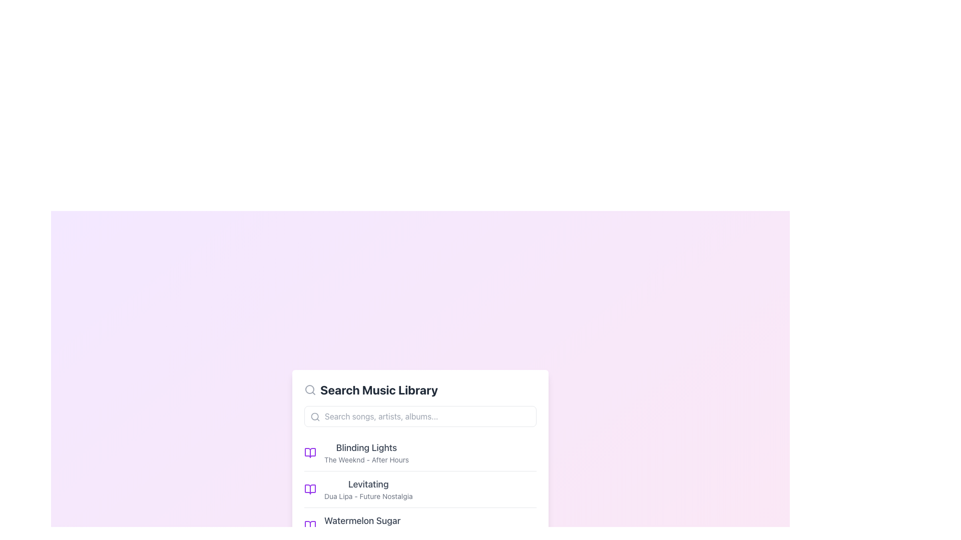 This screenshot has height=540, width=961. What do you see at coordinates (362, 525) in the screenshot?
I see `the Text Label displaying the song title 'Watermelon Sugar'` at bounding box center [362, 525].